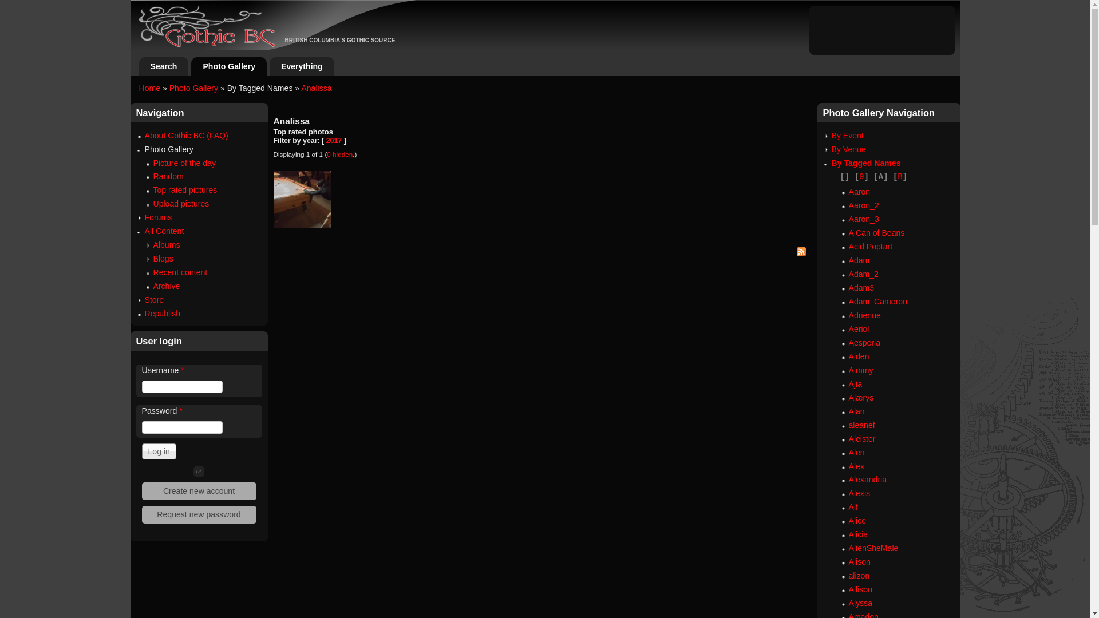 This screenshot has height=618, width=1099. Describe the element at coordinates (863, 219) in the screenshot. I see `'Aaron_3'` at that location.